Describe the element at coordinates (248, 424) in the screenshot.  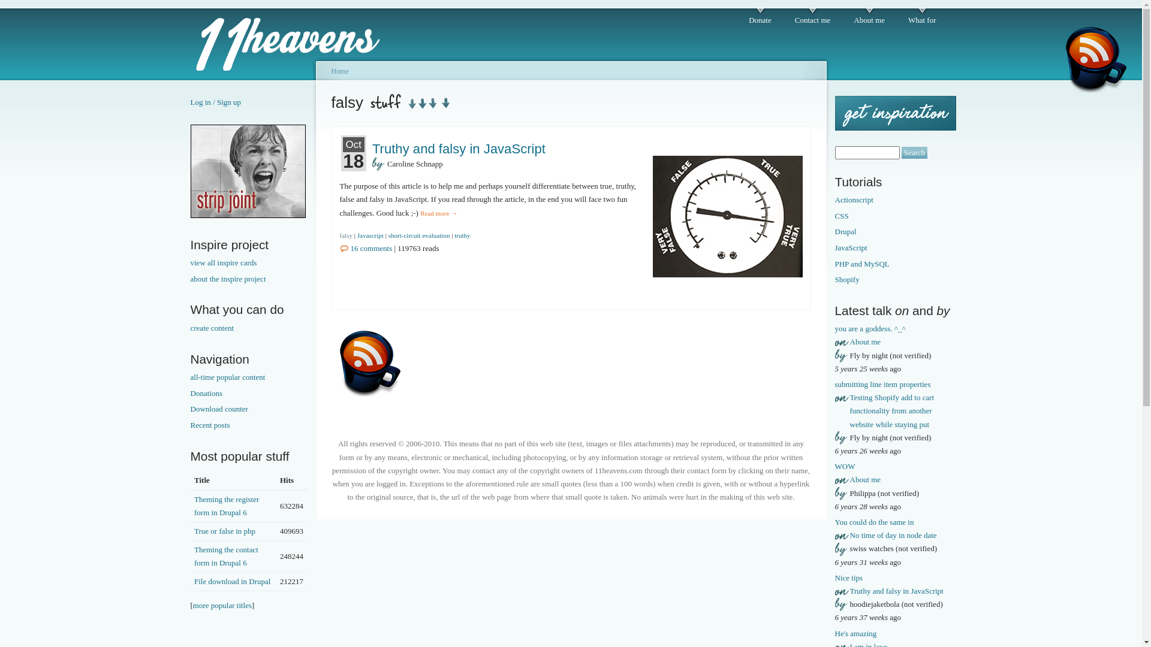
I see `'Recent posts'` at that location.